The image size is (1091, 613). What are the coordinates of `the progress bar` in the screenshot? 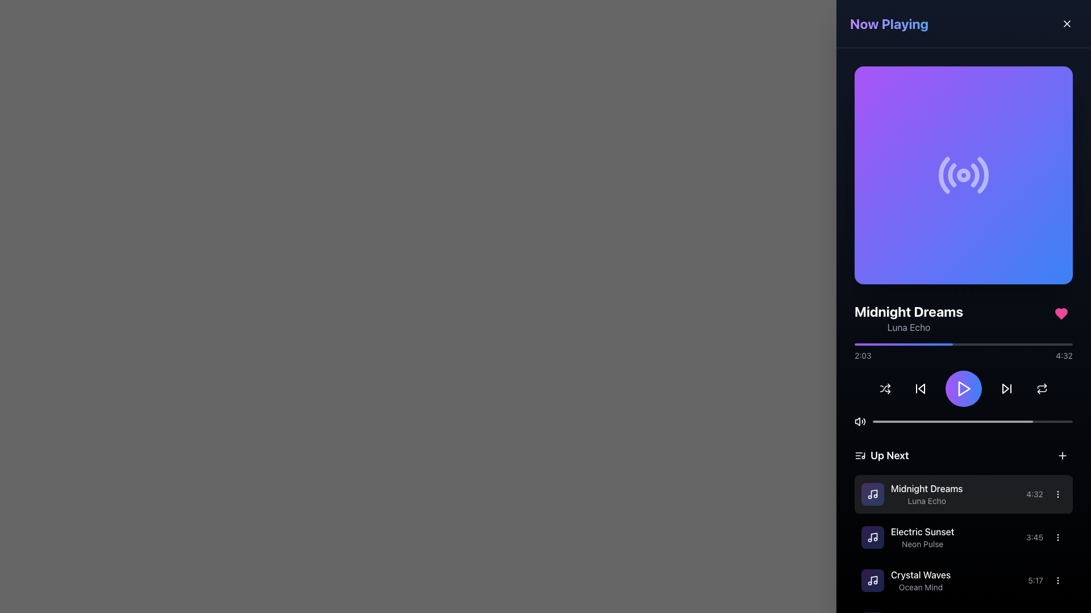 It's located at (916, 343).